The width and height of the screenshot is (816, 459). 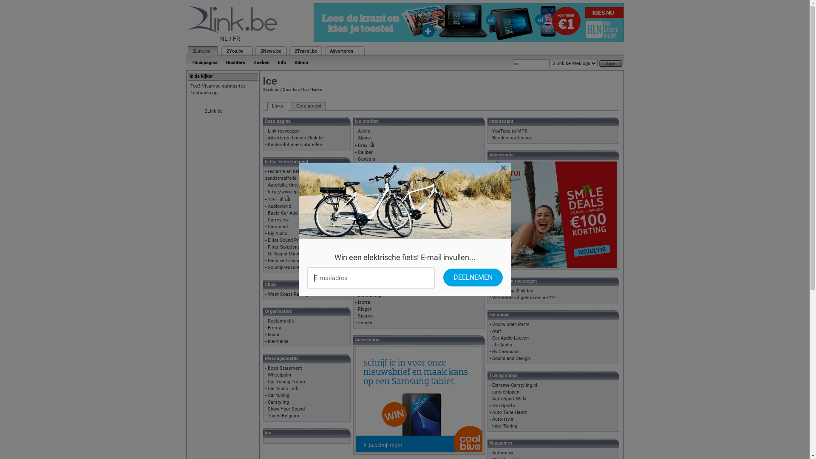 What do you see at coordinates (267, 341) in the screenshot?
I see `'Ice-mania'` at bounding box center [267, 341].